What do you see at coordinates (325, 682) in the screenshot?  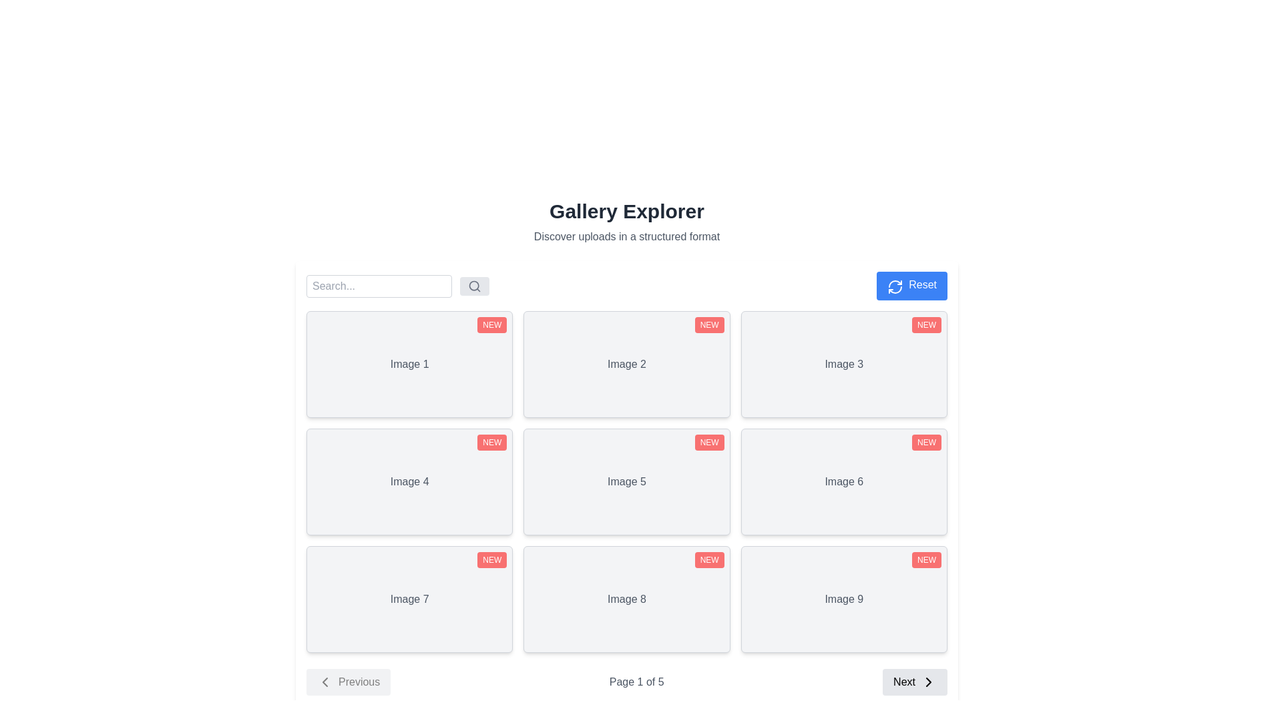 I see `the chevron icon SVG graphic used for navigating to the previous page, located next to the 'Previous' button text in the lower-left section of the interface` at bounding box center [325, 682].